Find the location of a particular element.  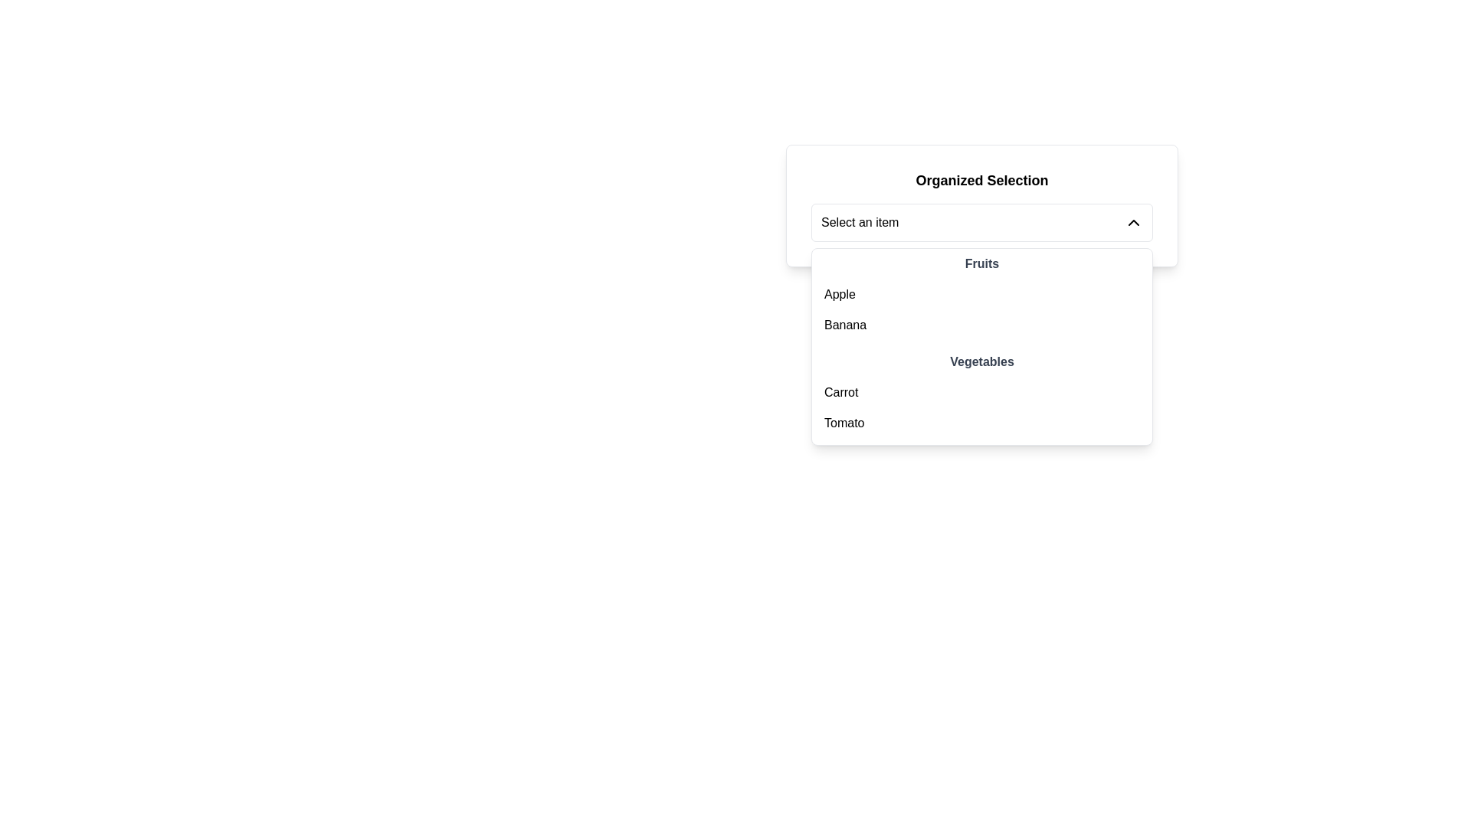

the static text label reading 'Vegetables' in the dropdown selection menu is located at coordinates (981, 362).